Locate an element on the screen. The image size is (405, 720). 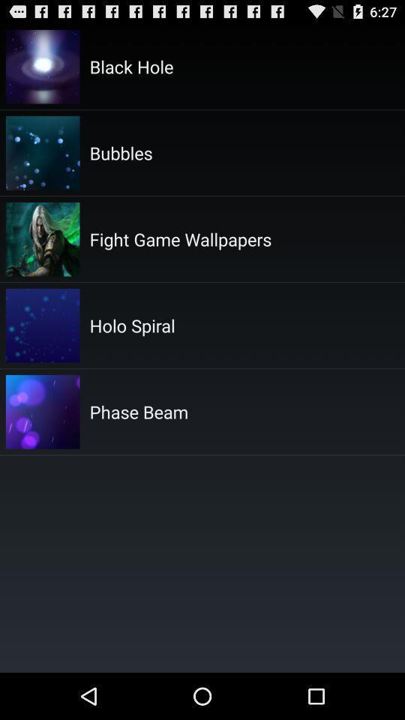
phase beam icon is located at coordinates (139, 412).